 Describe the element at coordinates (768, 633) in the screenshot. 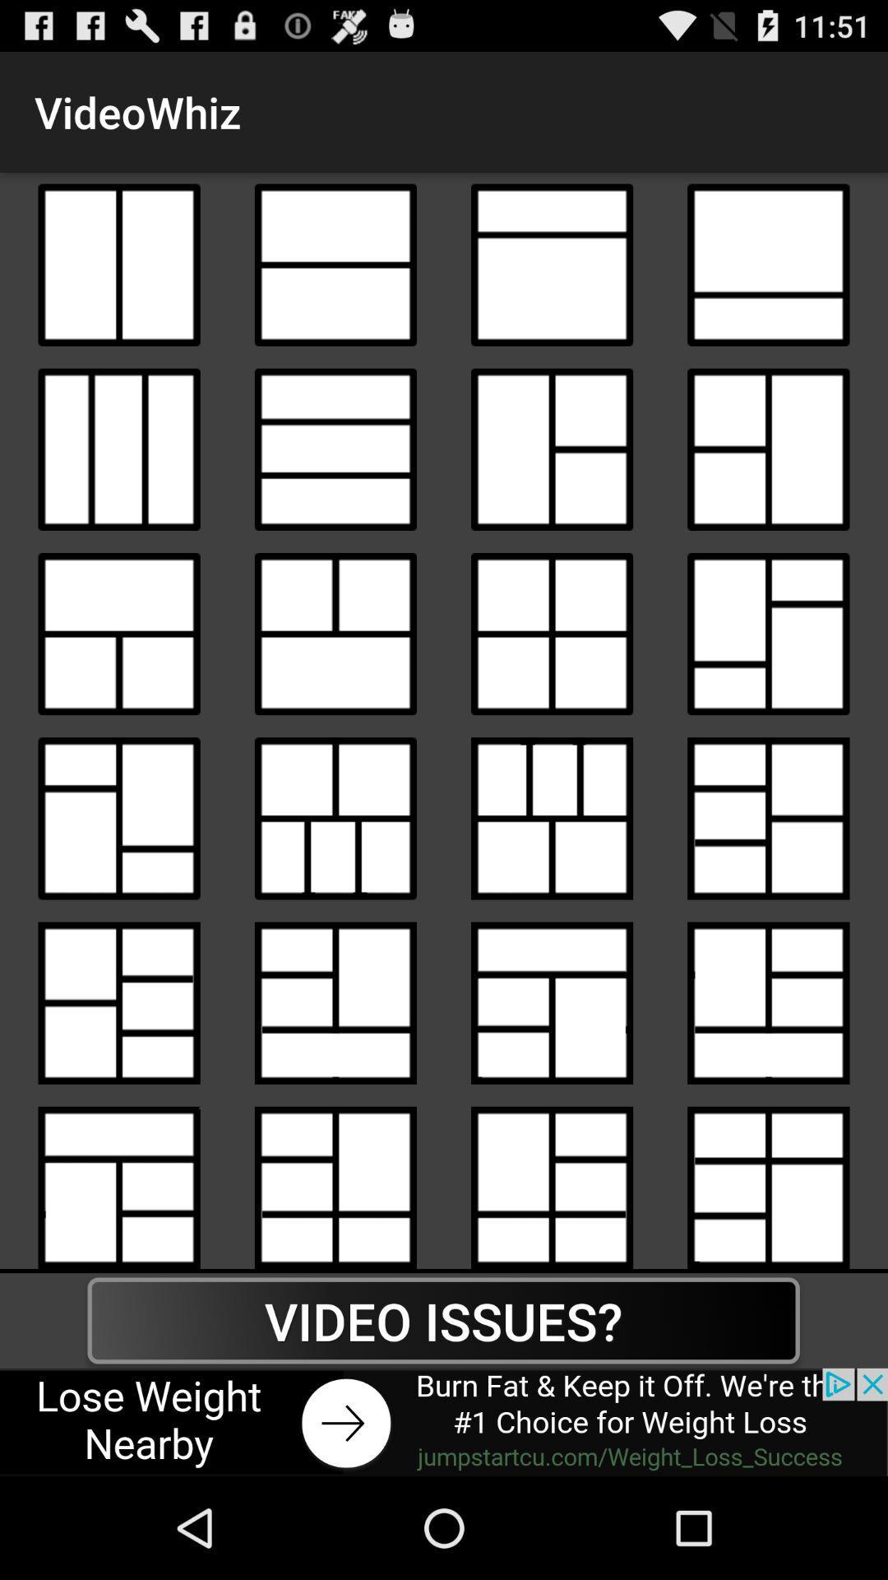

I see `image` at that location.